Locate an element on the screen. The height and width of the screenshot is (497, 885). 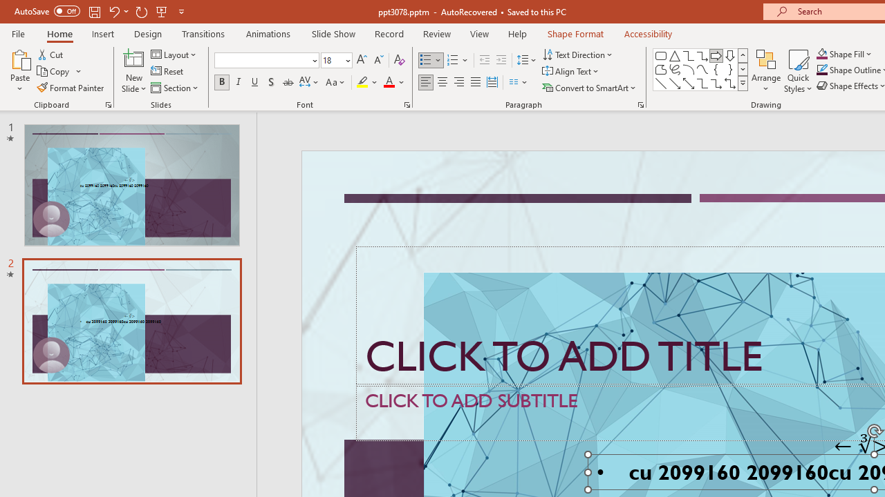
'Connector: Elbow Double-Arrow' is located at coordinates (729, 83).